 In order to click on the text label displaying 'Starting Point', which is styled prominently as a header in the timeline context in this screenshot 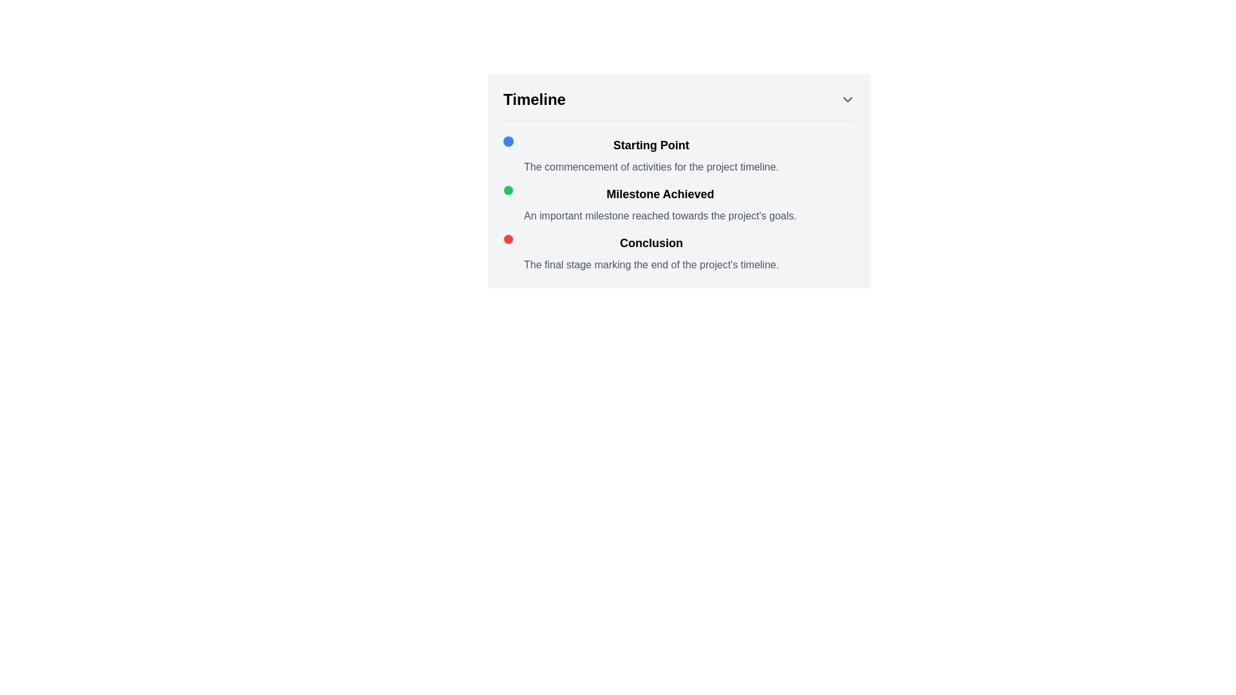, I will do `click(651, 145)`.